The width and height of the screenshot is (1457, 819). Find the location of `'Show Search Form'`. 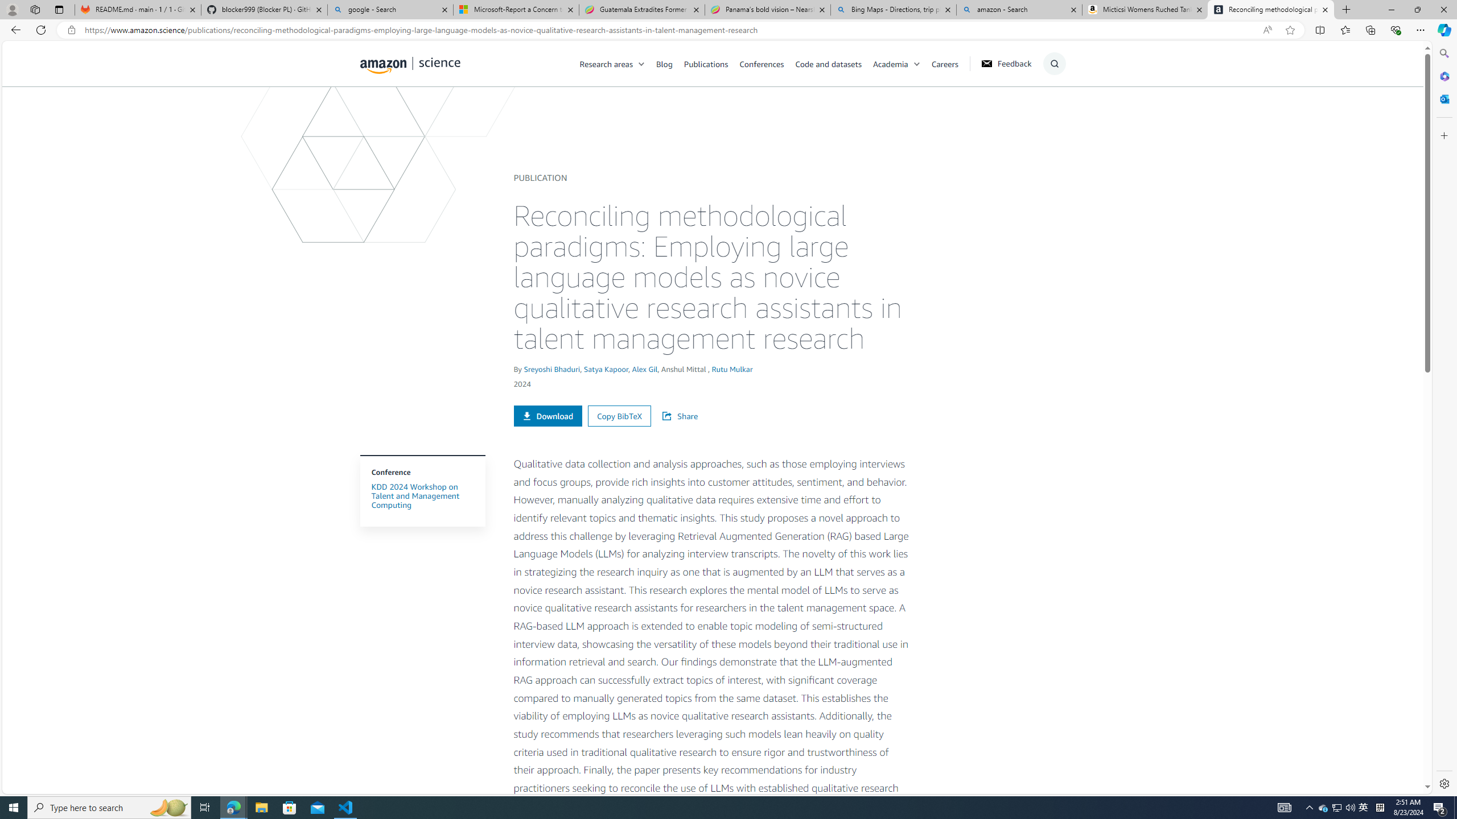

'Show Search Form' is located at coordinates (1054, 63).